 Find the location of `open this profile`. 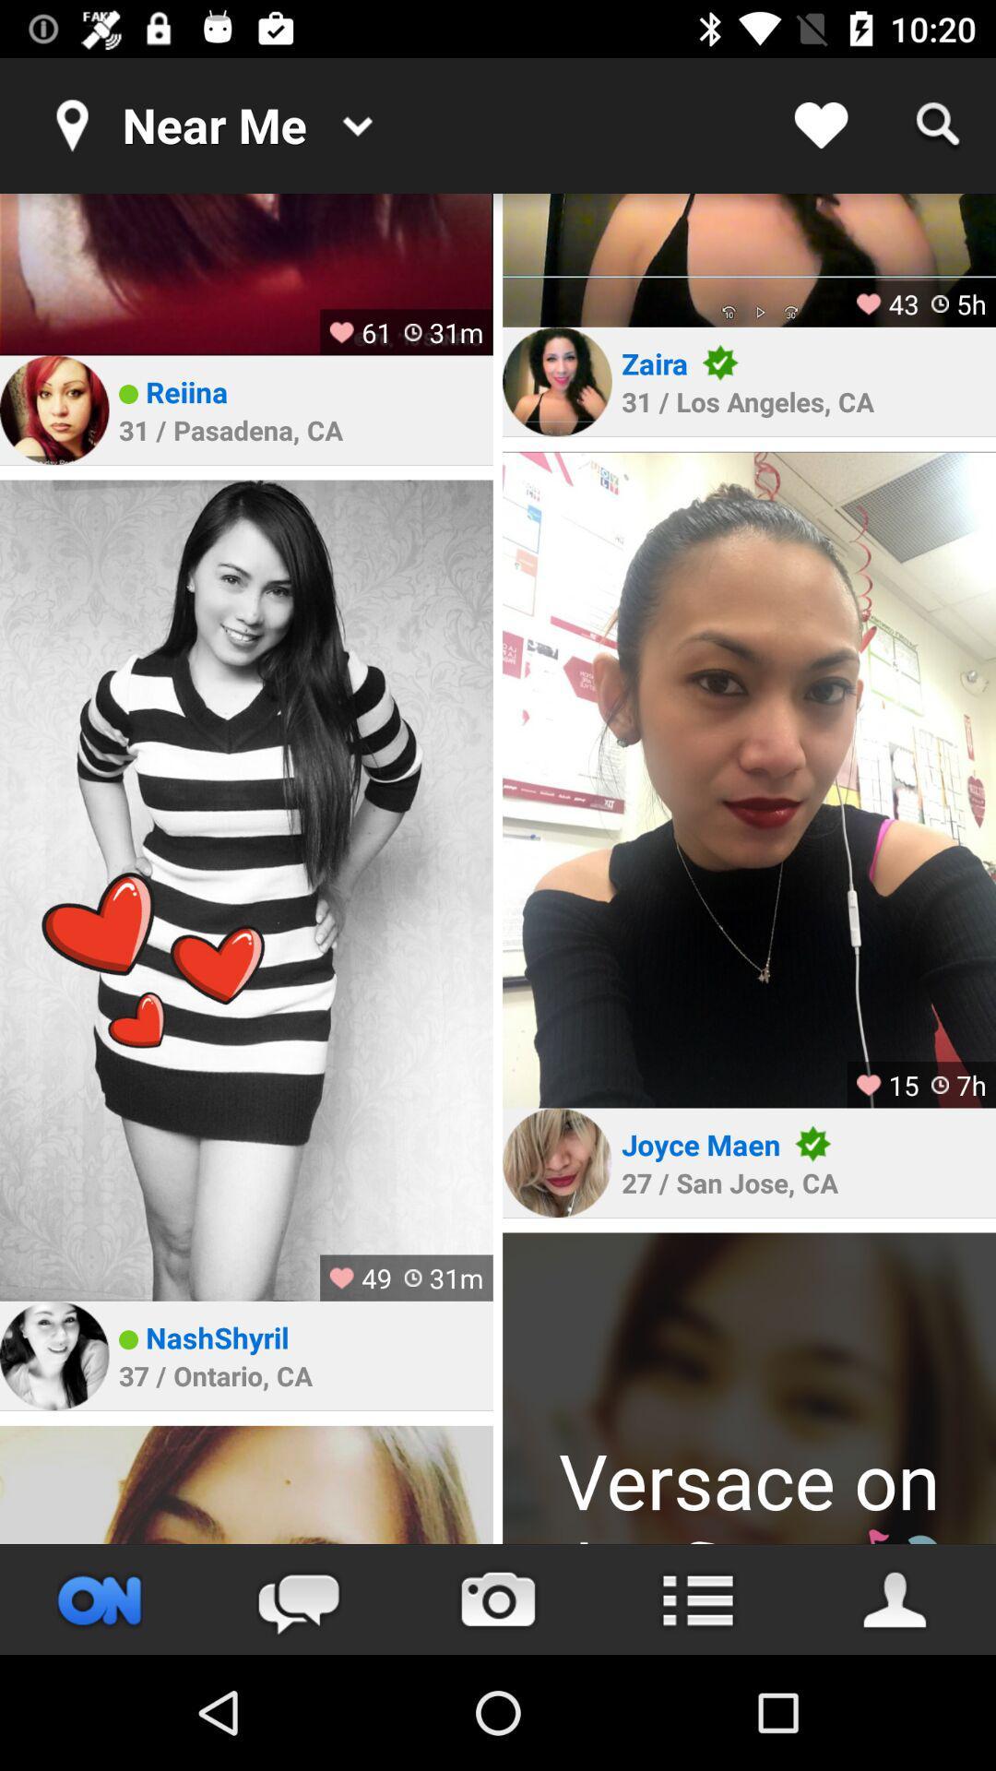

open this profile is located at coordinates (245, 890).